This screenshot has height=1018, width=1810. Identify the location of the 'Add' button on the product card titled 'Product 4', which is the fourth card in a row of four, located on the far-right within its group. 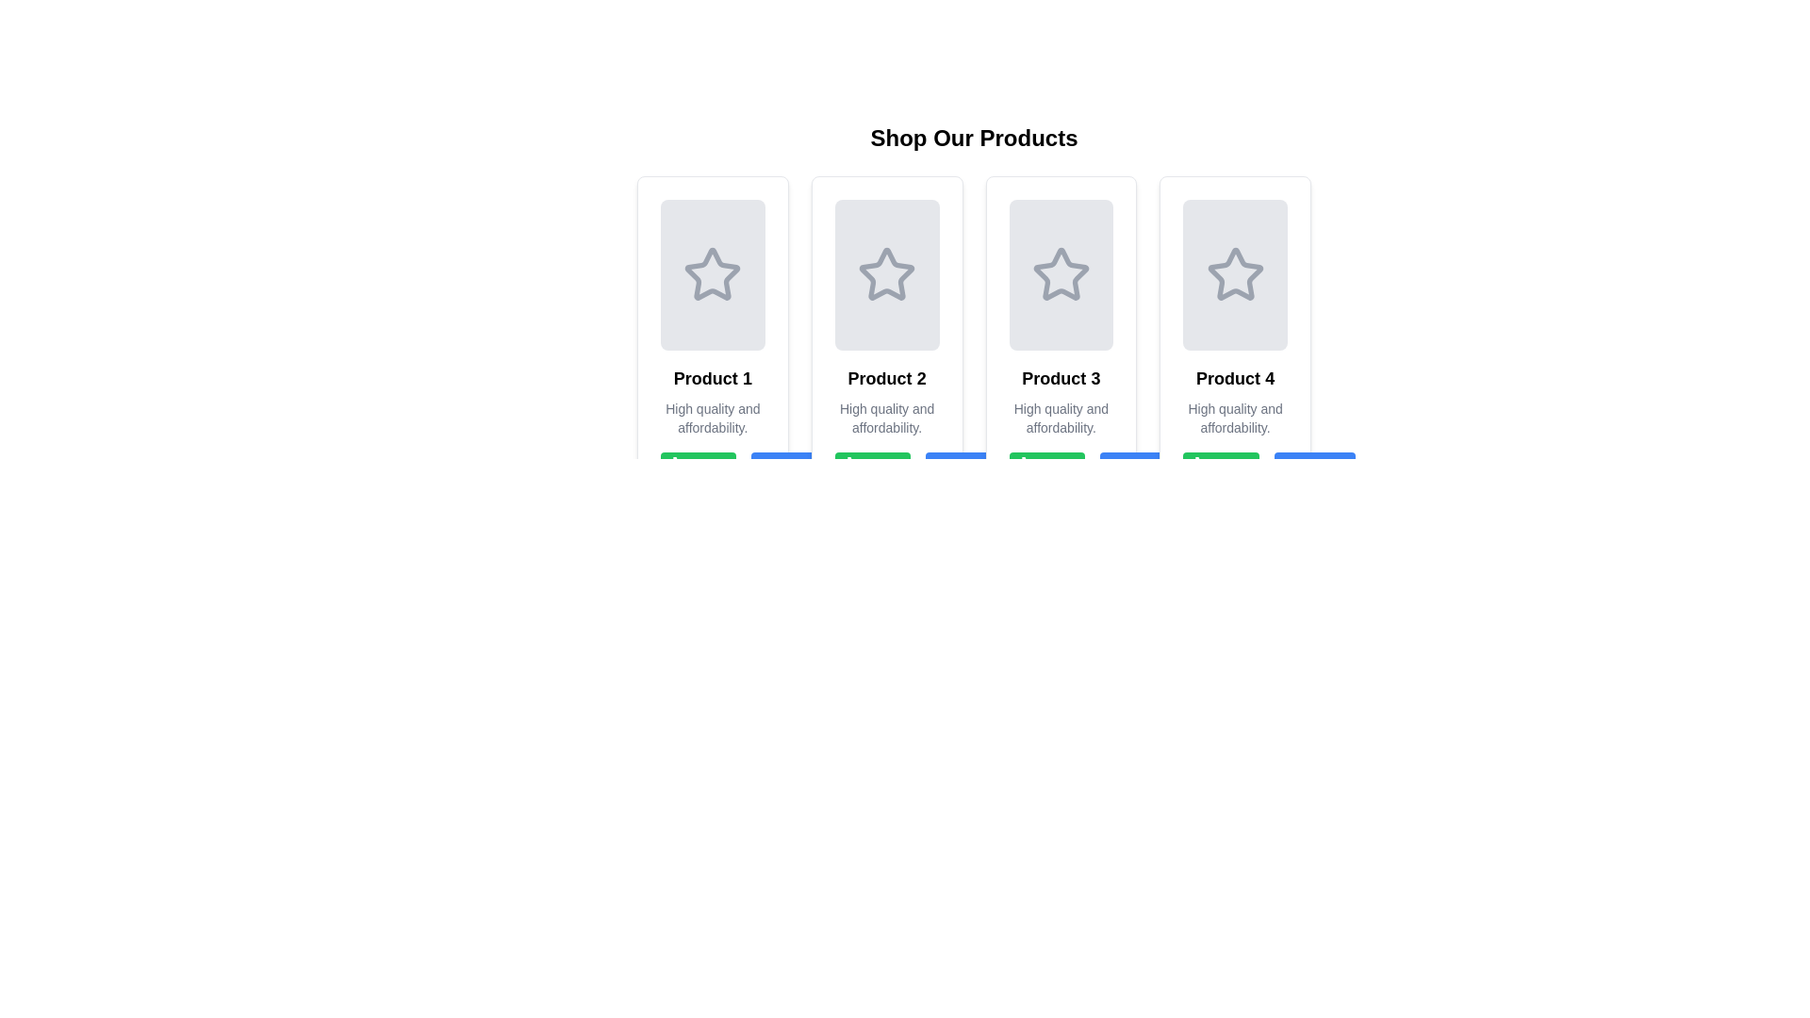
(1235, 341).